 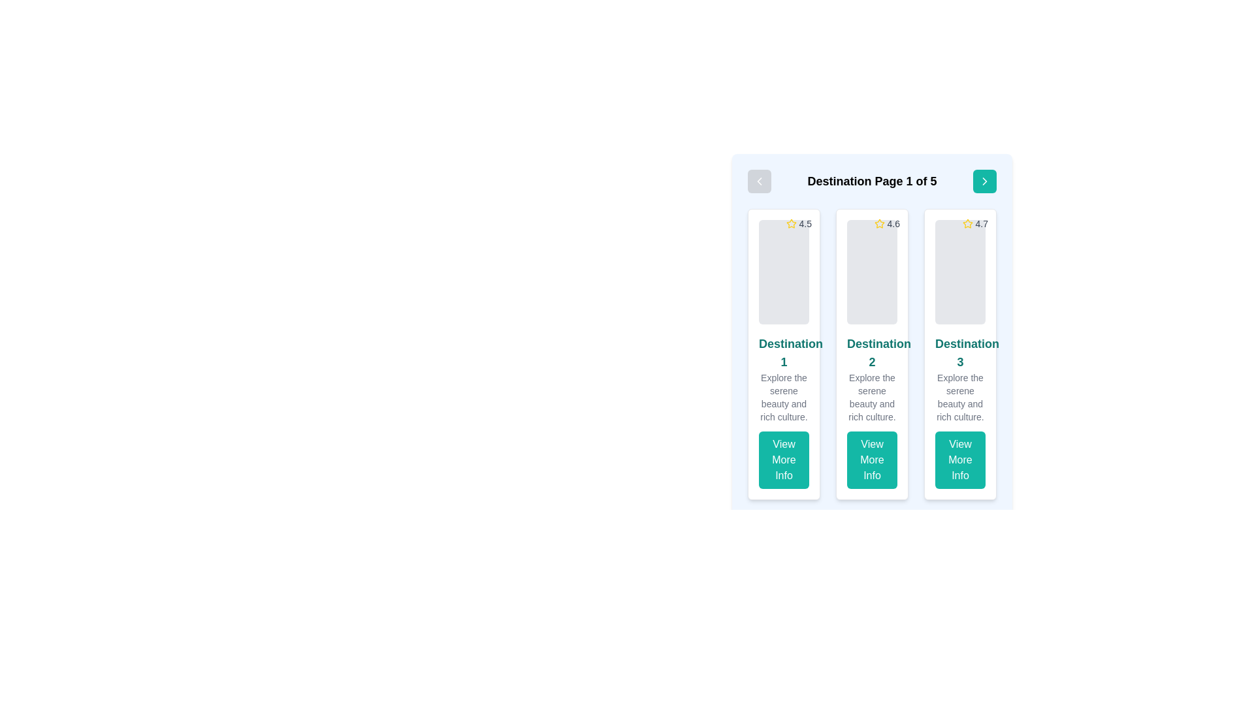 I want to click on the 'Destination 2' label, which features bold teal text and is positioned in the middle card of the destination cards, so click(x=872, y=352).